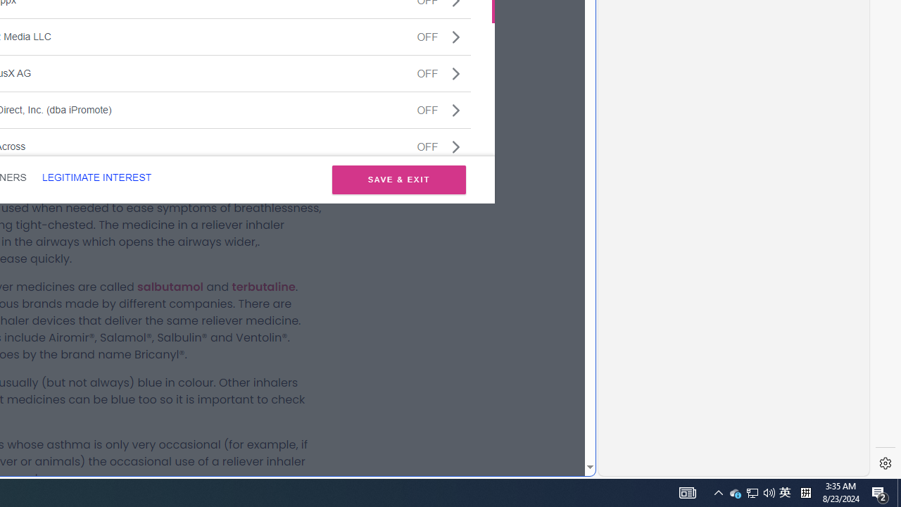  I want to click on 'SAVE & EXIT', so click(398, 179).